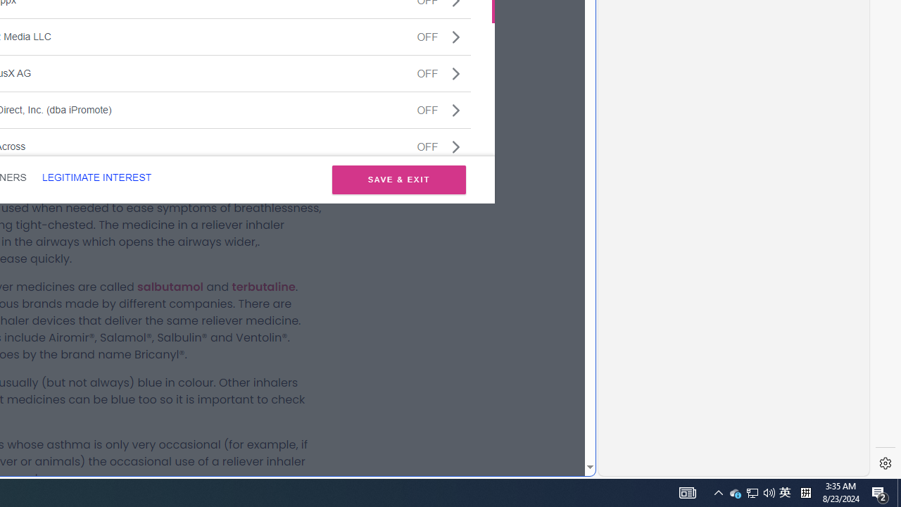  I want to click on 'SAVE & EXIT', so click(398, 179).